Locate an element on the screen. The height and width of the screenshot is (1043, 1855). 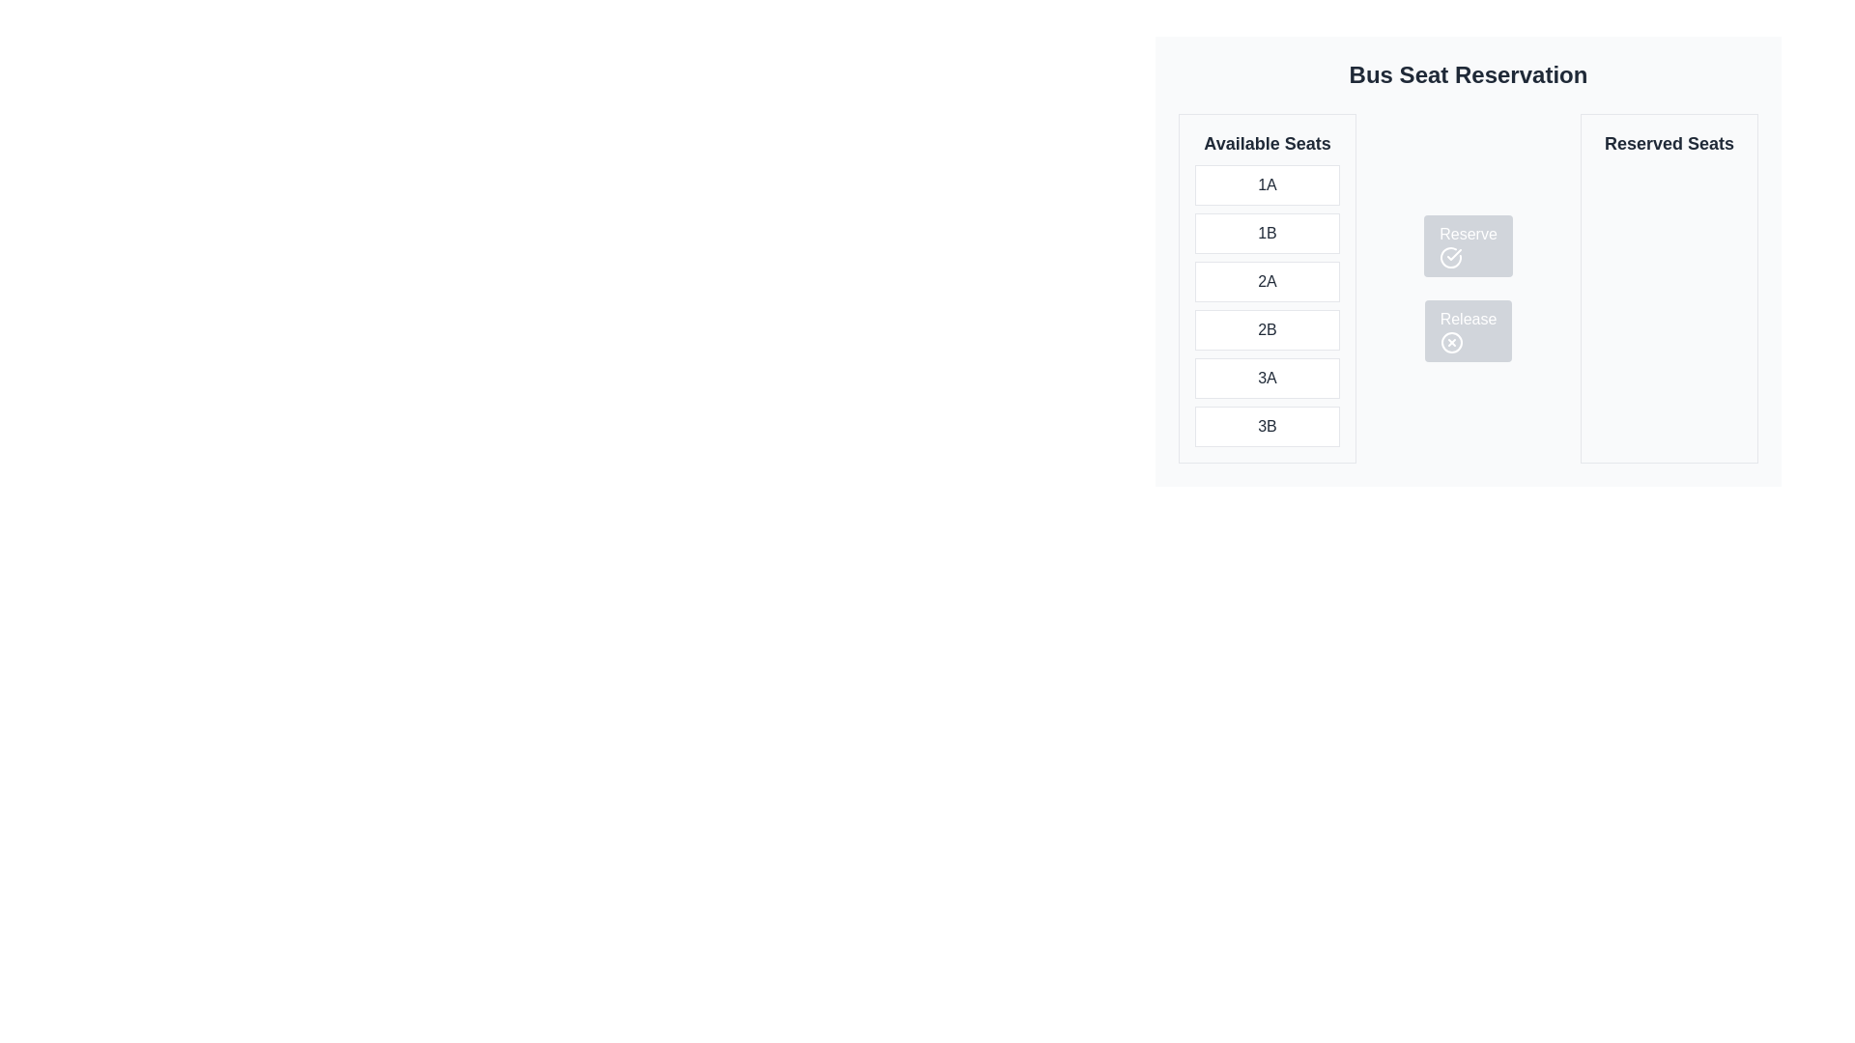
the status or appearance of the circular checkmark icon within the 'Reserve' button, which is visually distinct against the blue button background is located at coordinates (1451, 256).